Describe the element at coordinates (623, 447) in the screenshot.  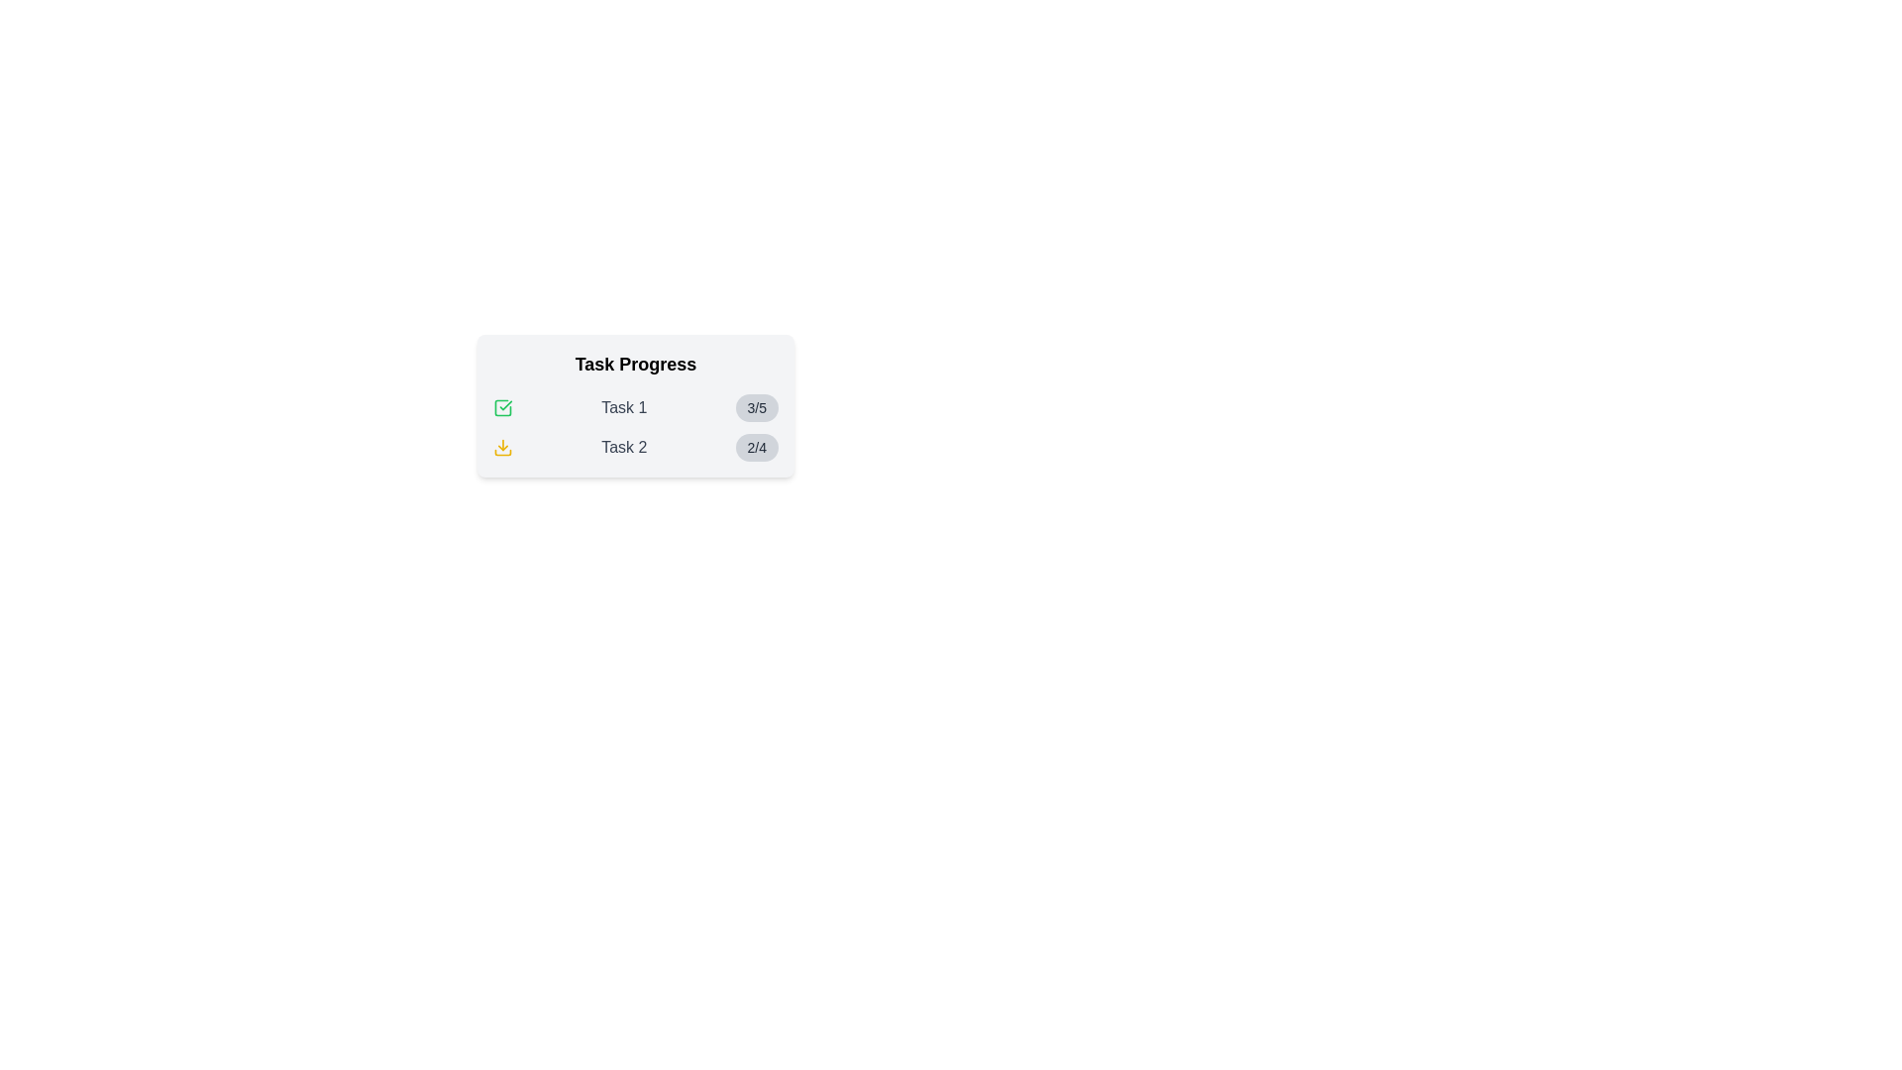
I see `the text label reading 'Task 2', which is styled in a gray sans-serif font and positioned to the left of a progress label '2/4' and to the right of a download icon` at that location.